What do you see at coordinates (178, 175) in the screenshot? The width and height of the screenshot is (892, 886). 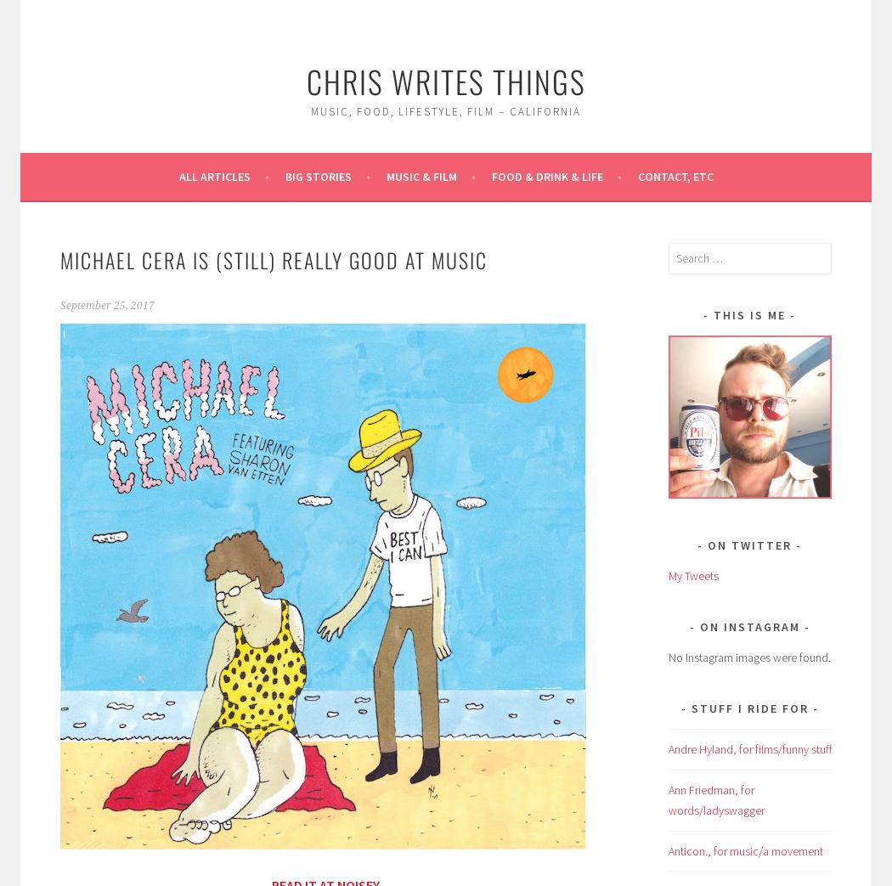 I see `'All Articles'` at bounding box center [178, 175].